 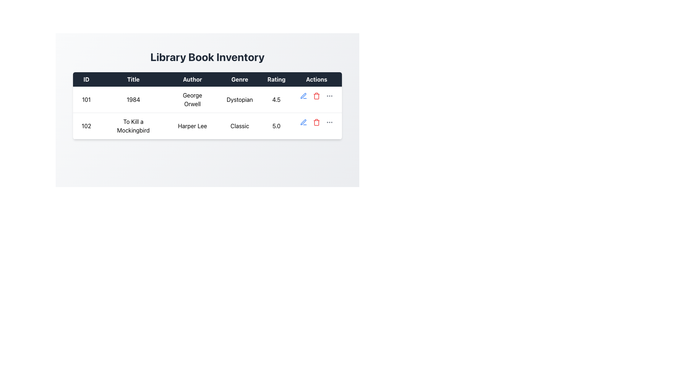 I want to click on the static text label displaying '5.0' in the 'Rating' column of the 'Library Book Inventory' table, which represents the rating value for 'To Kill a Mockingbird', so click(x=276, y=125).